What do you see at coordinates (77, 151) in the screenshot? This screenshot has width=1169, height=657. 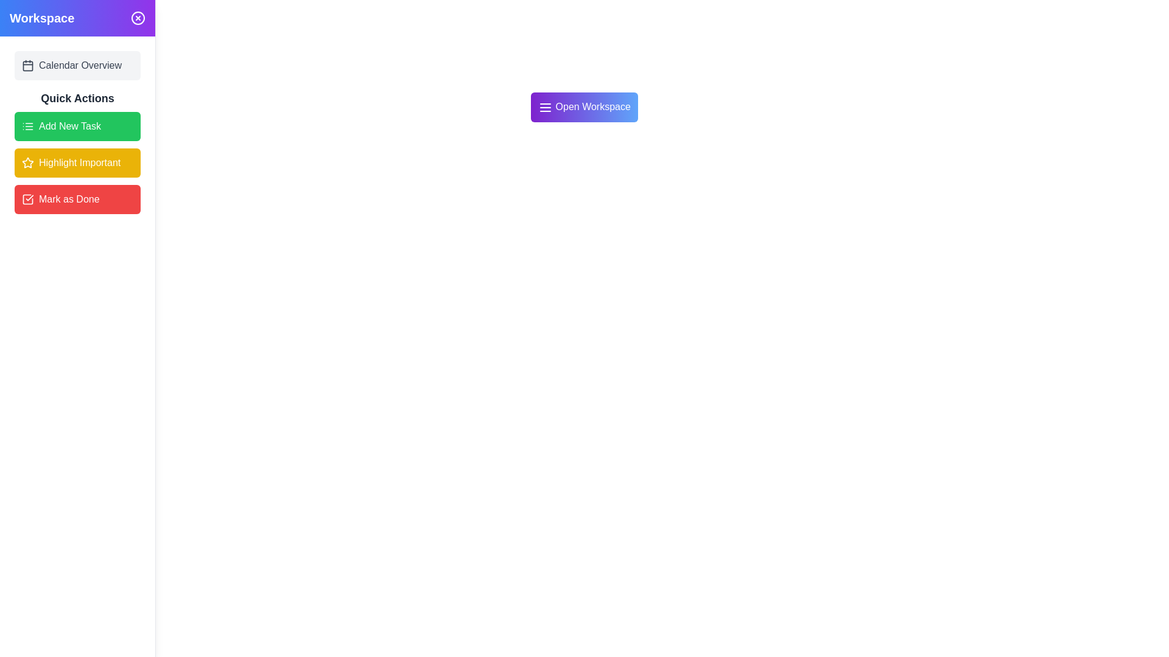 I see `the 'Highlight Important' button with a yellow background located in the vertical list under the 'Quick Actions' header, positioned below the 'Add New Task' button and above the 'Mark as Done' button` at bounding box center [77, 151].